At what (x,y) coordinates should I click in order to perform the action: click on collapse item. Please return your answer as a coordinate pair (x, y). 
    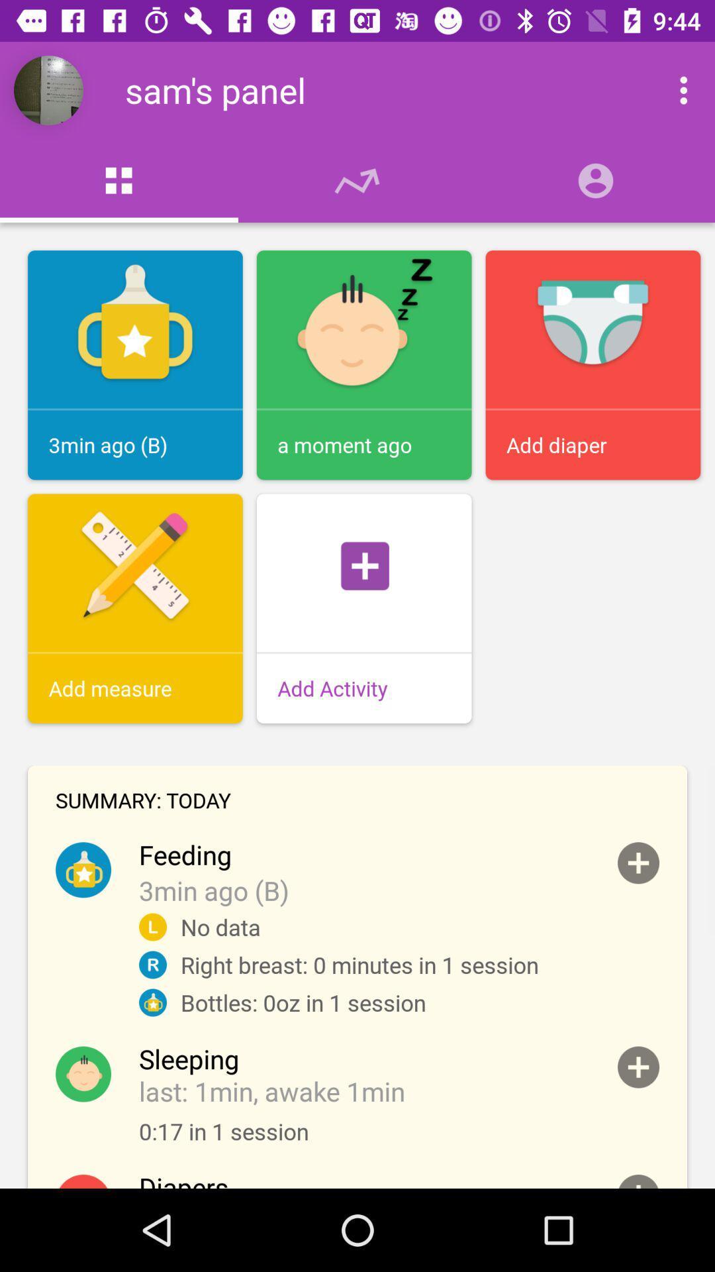
    Looking at the image, I should click on (638, 1067).